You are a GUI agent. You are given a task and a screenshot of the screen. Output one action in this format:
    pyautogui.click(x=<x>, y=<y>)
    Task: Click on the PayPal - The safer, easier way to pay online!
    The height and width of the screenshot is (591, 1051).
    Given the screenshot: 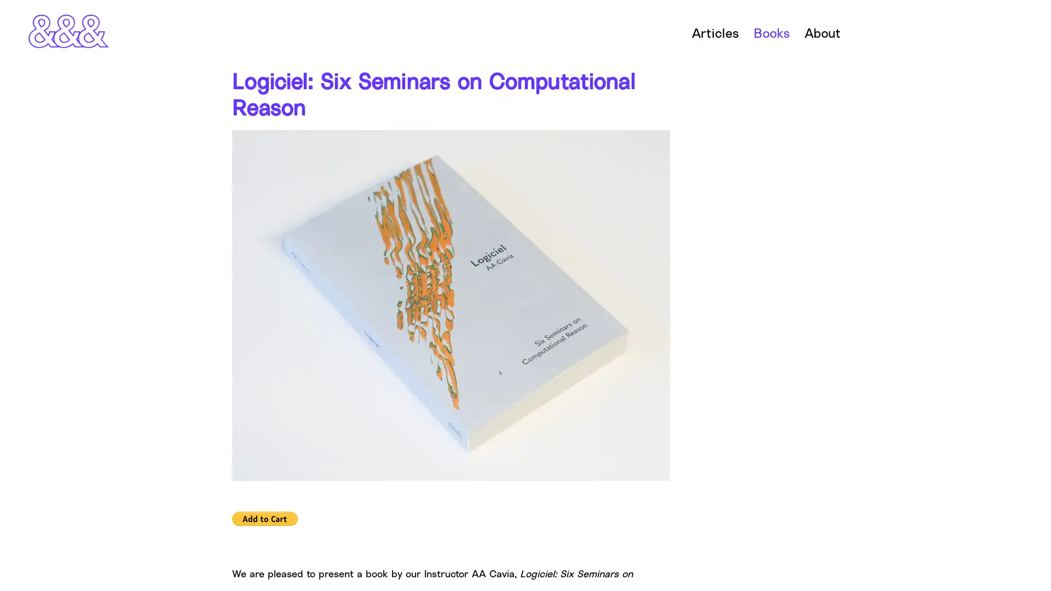 What is the action you would take?
    pyautogui.click(x=265, y=518)
    